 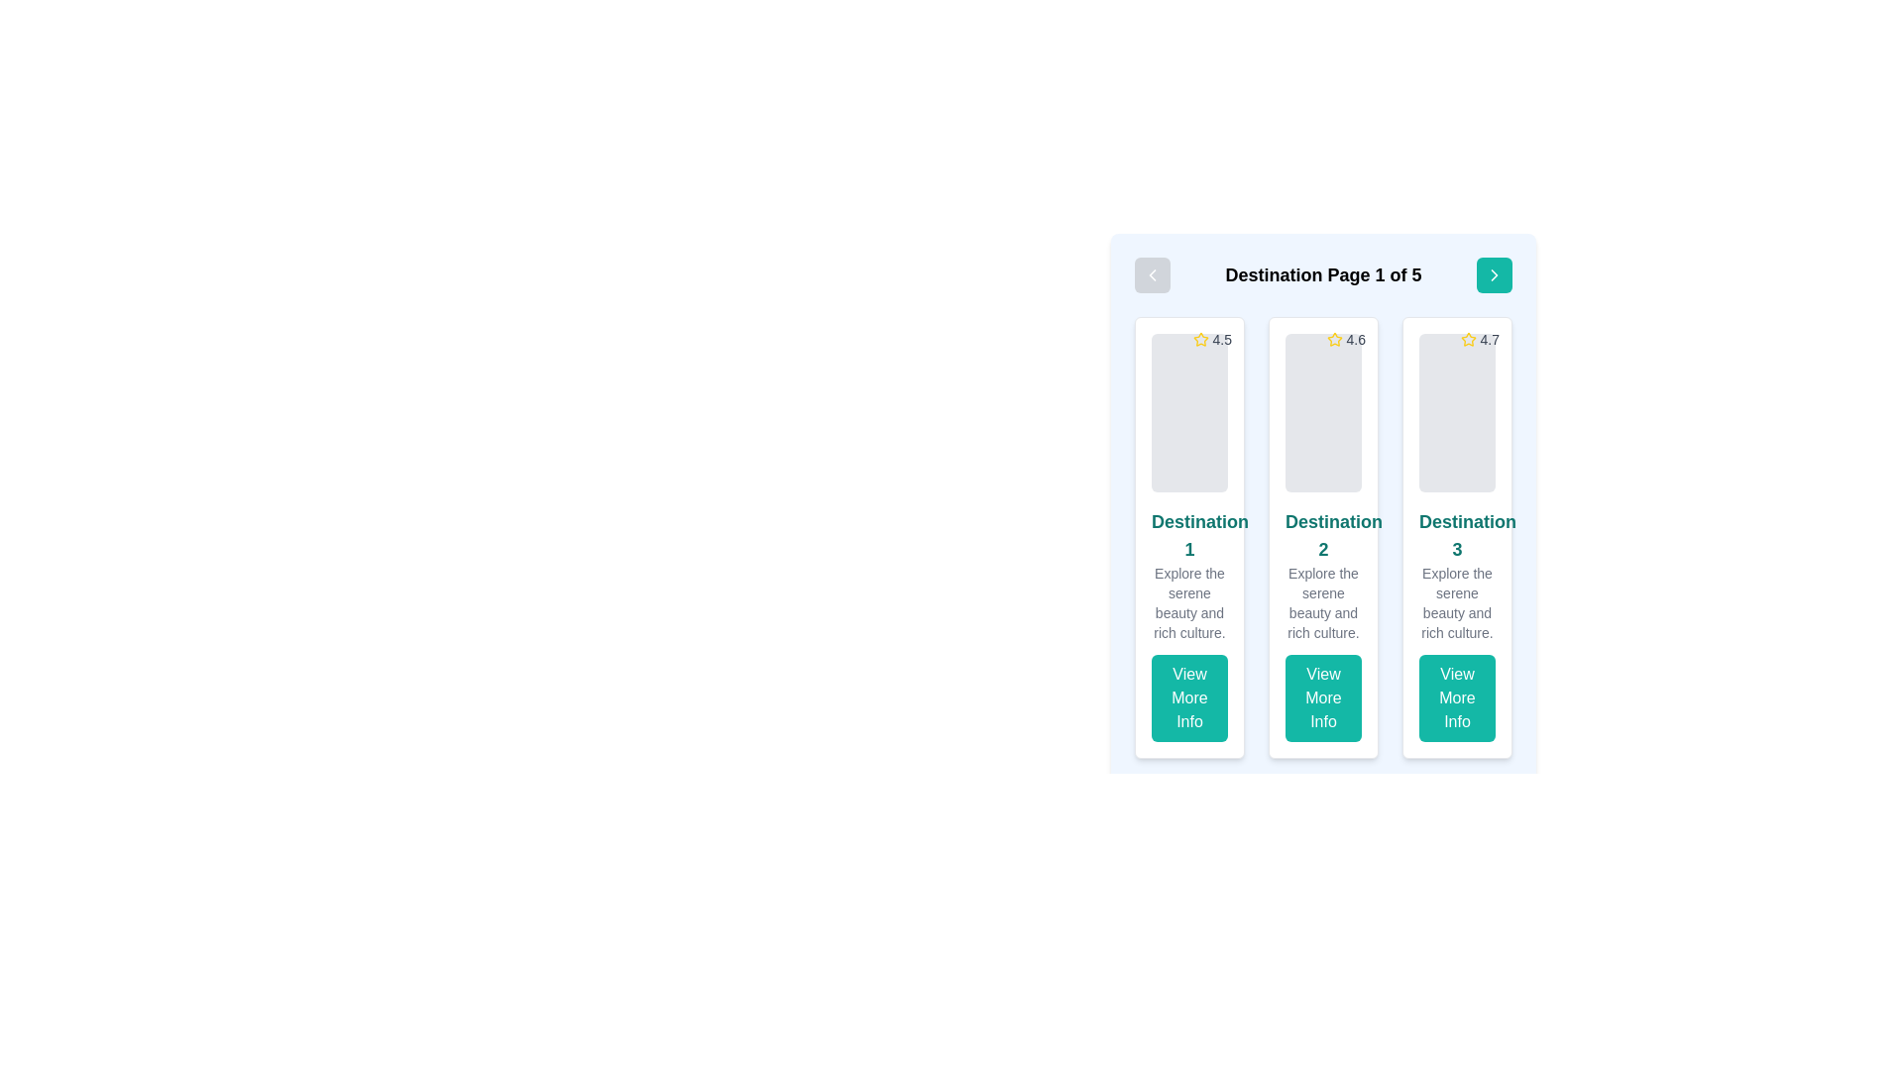 I want to click on static text content located in the card labeled 'Destination 2', positioned below the bold title within the middle column of cards, so click(x=1323, y=602).